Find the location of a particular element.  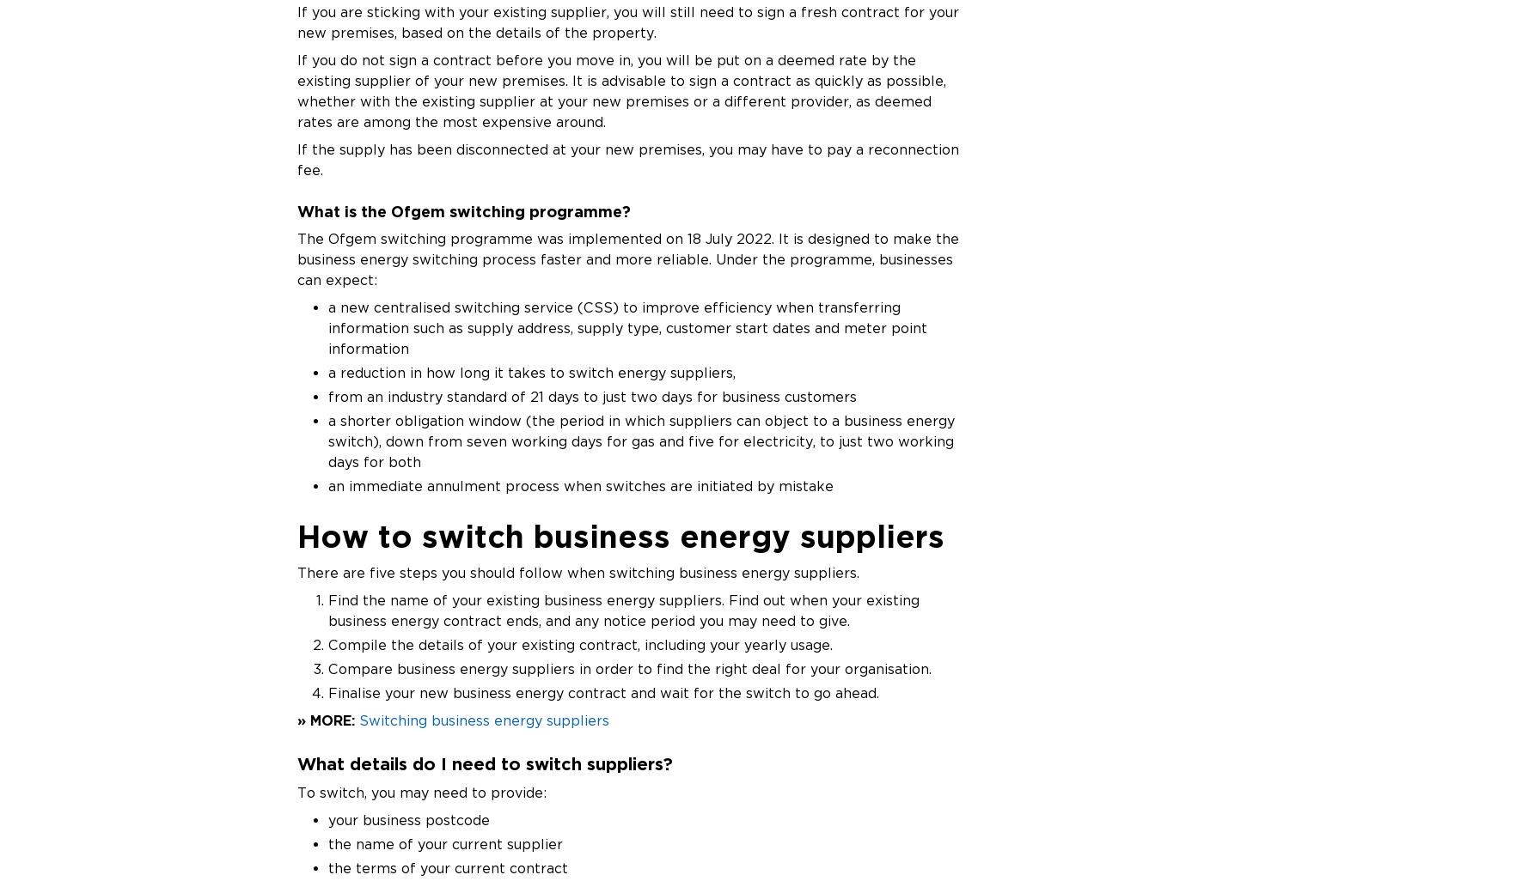

'If you do not sign a contract before you move in, you will be put on a deemed rate by the existing supplier of your new premises. It is advisable to sign a contract as quickly as possible, whether with the existing supplier at your new premises or a different provider, as deemed rates are among the most expensive around.' is located at coordinates (620, 90).